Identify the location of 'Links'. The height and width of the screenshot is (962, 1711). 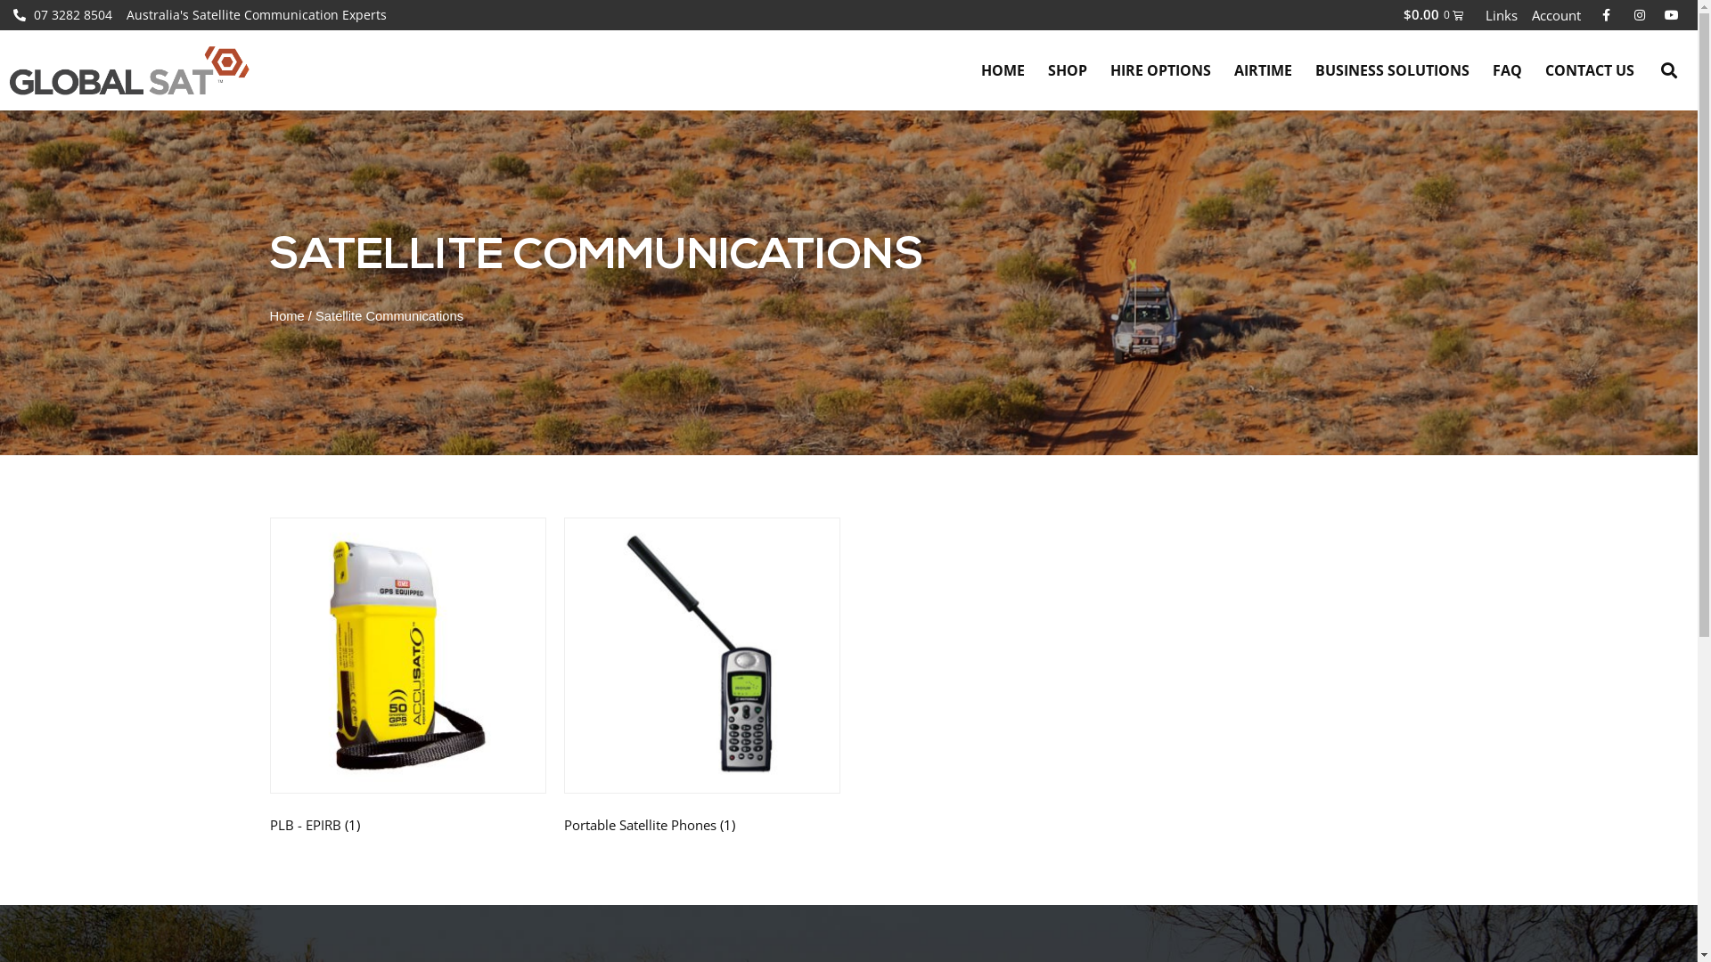
(1500, 14).